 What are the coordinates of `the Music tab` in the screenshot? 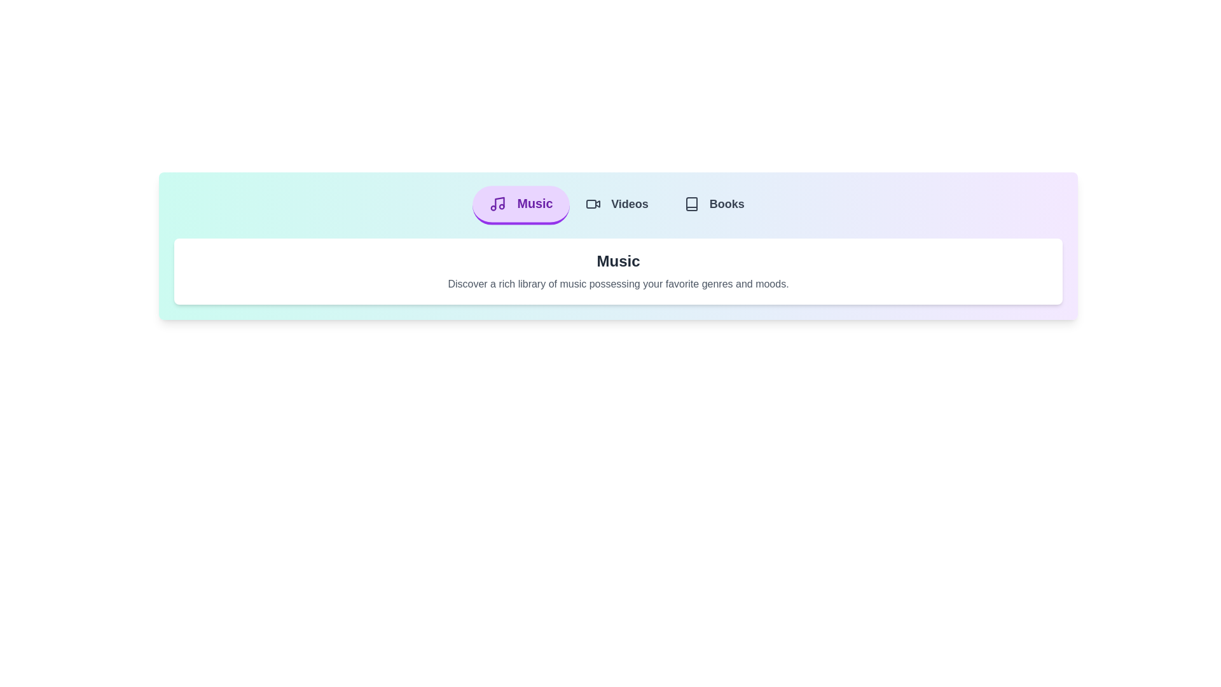 It's located at (521, 205).